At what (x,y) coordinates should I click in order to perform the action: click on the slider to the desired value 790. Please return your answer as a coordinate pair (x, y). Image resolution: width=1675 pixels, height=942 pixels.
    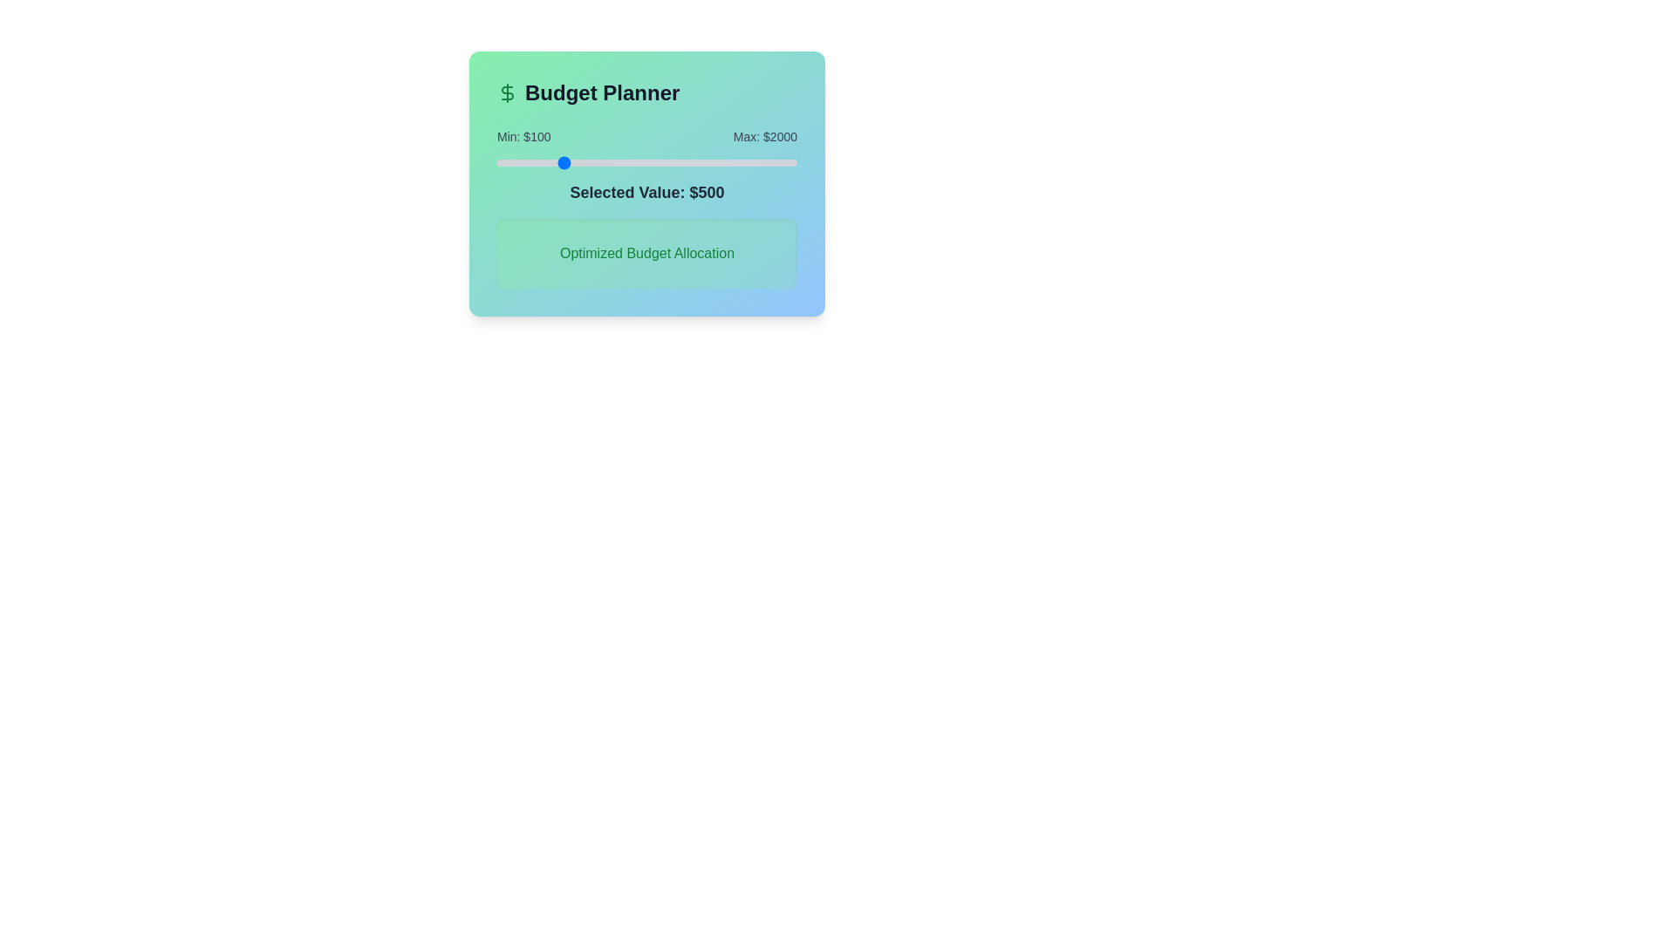
    Looking at the image, I should click on (605, 162).